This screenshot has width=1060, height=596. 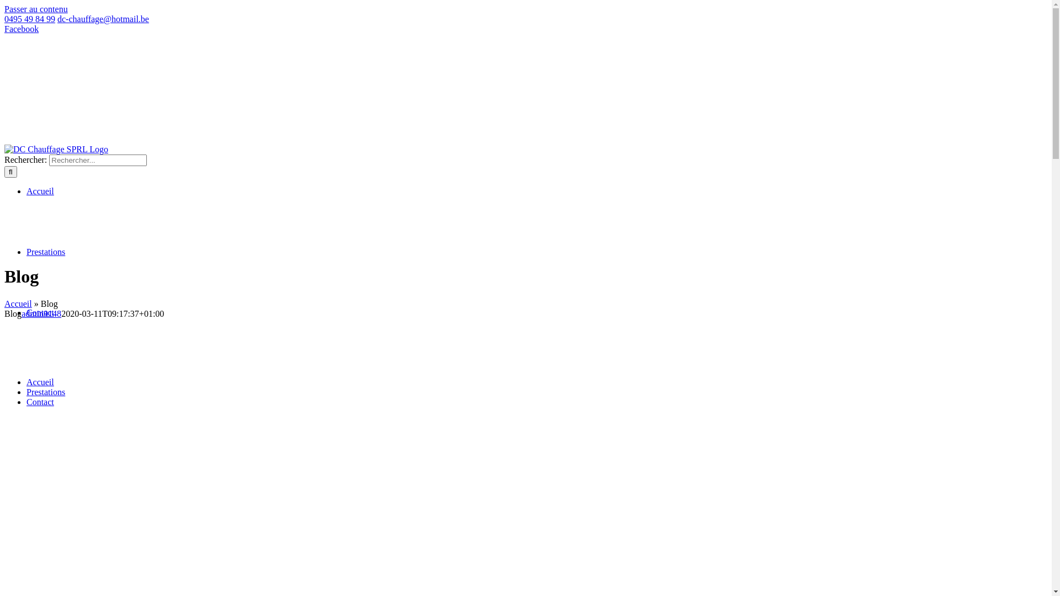 I want to click on 'admin9148', so click(x=41, y=313).